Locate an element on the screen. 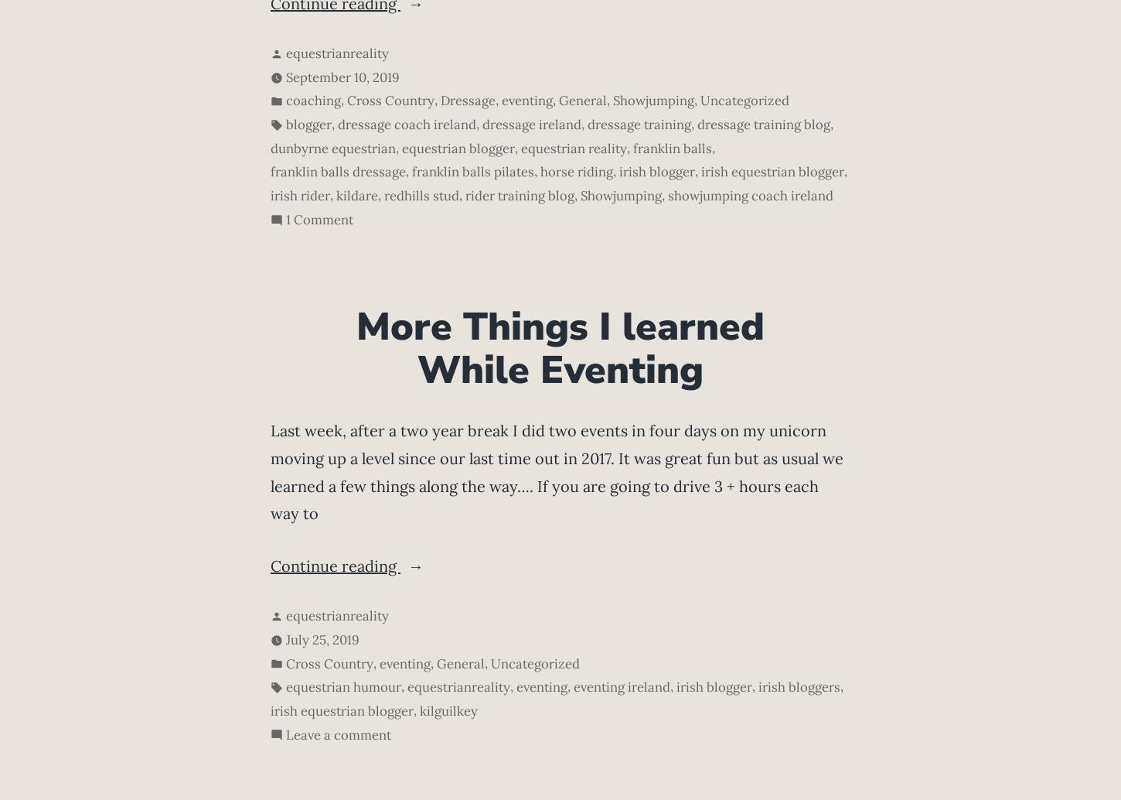 Image resolution: width=1121 pixels, height=800 pixels. 'More Things I learned While Eventing' is located at coordinates (560, 348).